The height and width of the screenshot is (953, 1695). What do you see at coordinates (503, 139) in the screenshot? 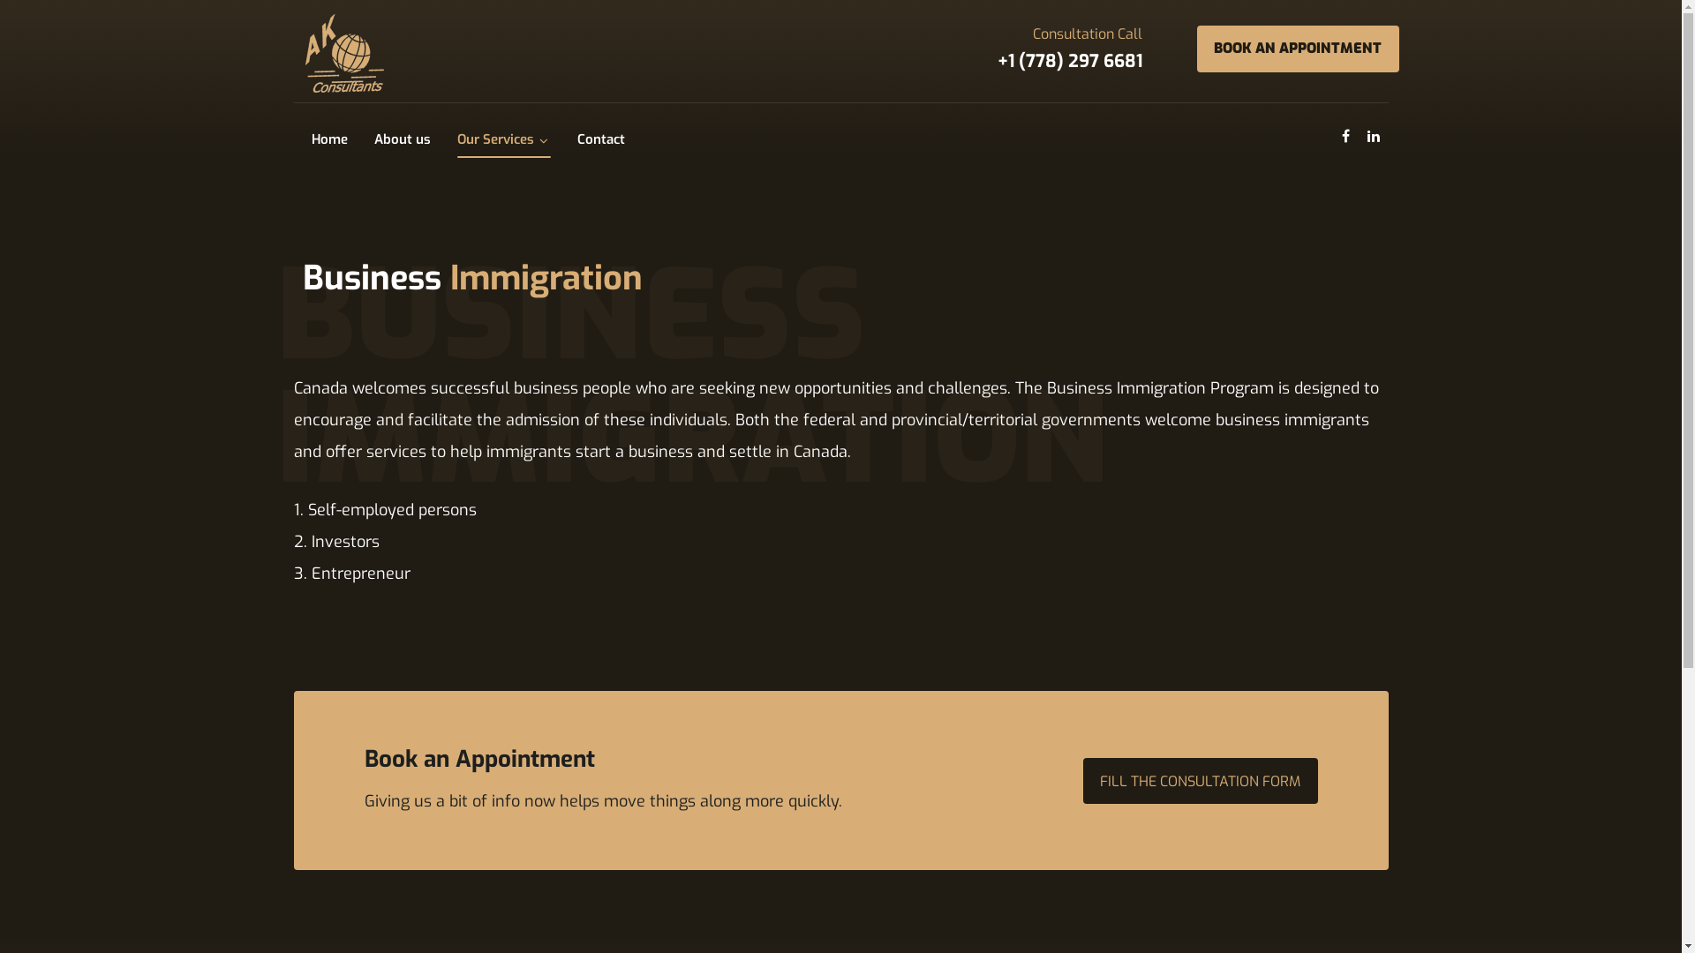
I see `'Our Services'` at bounding box center [503, 139].